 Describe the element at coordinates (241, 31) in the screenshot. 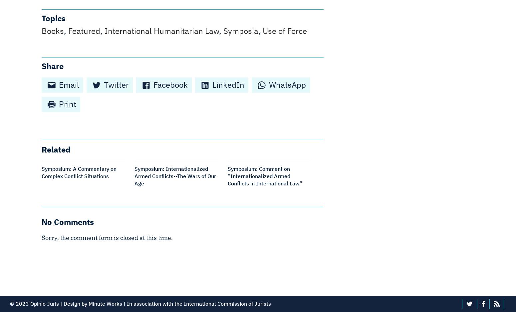

I see `'Symposia'` at that location.